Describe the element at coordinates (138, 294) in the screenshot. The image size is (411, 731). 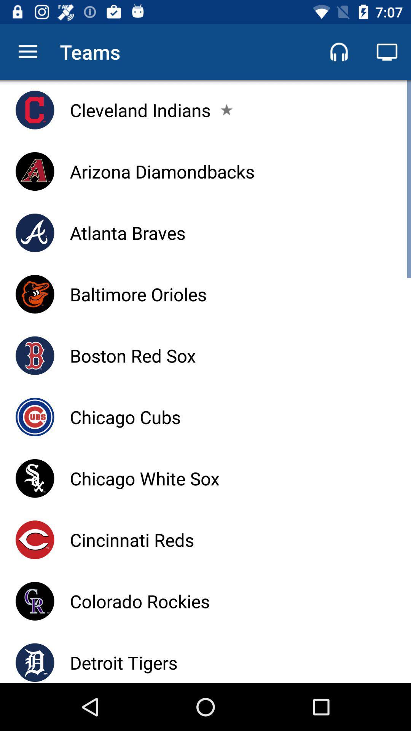
I see `baltimore orioles` at that location.